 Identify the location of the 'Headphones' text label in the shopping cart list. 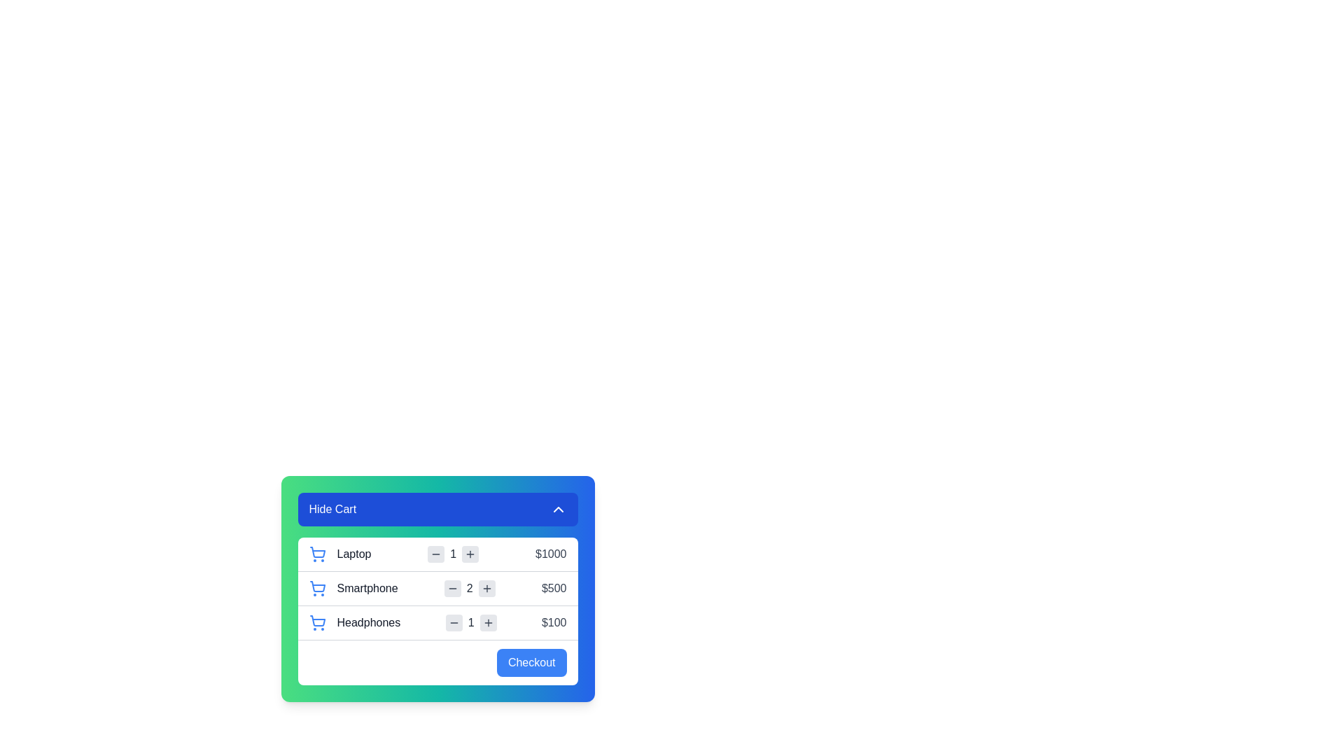
(368, 622).